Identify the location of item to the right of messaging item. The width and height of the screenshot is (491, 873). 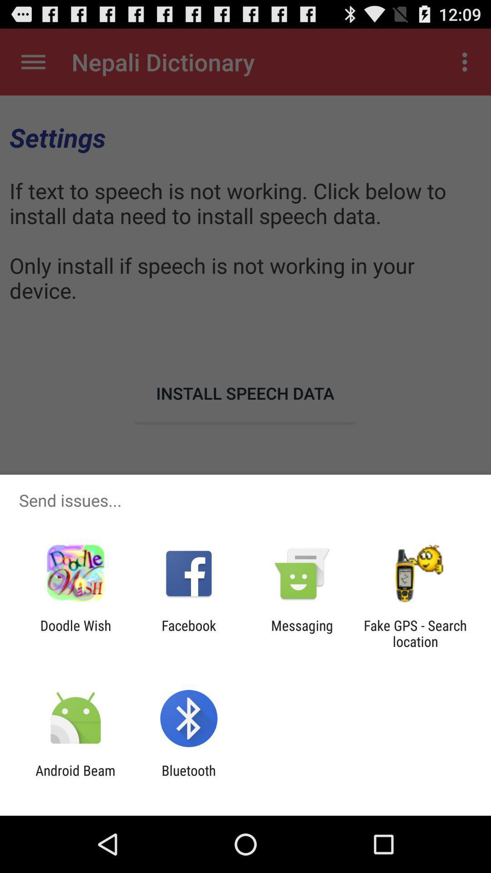
(415, 633).